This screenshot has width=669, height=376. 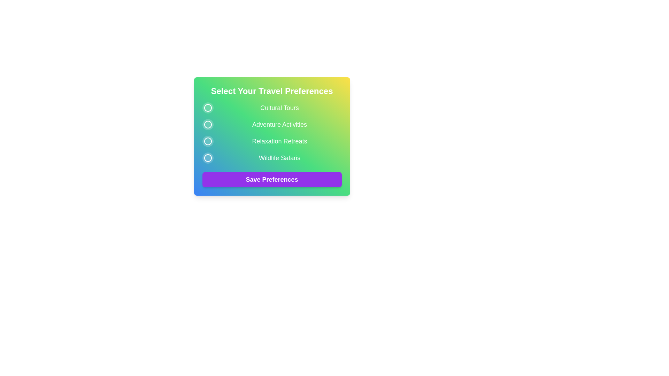 What do you see at coordinates (207, 124) in the screenshot?
I see `the preference button corresponding to Adventure Activities` at bounding box center [207, 124].